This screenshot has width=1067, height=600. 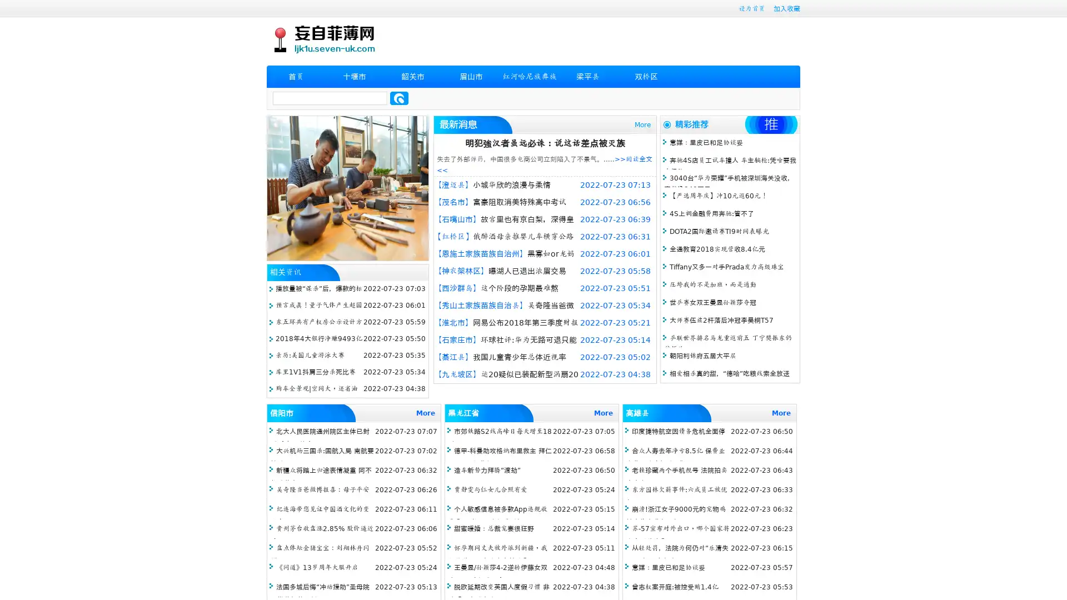 I want to click on Search, so click(x=399, y=98).